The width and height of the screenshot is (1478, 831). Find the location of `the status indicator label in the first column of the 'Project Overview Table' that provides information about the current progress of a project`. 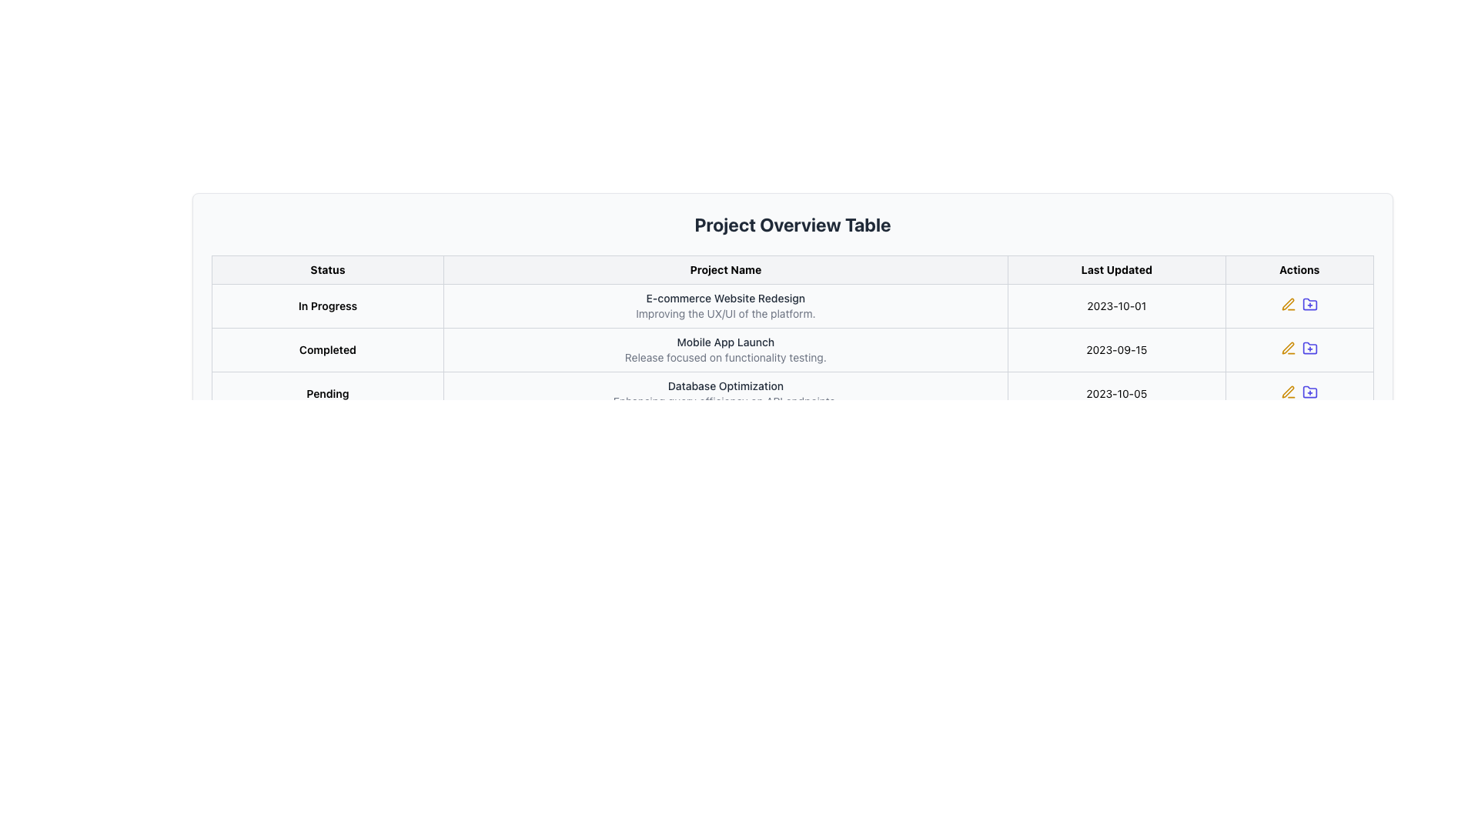

the status indicator label in the first column of the 'Project Overview Table' that provides information about the current progress of a project is located at coordinates (326, 305).